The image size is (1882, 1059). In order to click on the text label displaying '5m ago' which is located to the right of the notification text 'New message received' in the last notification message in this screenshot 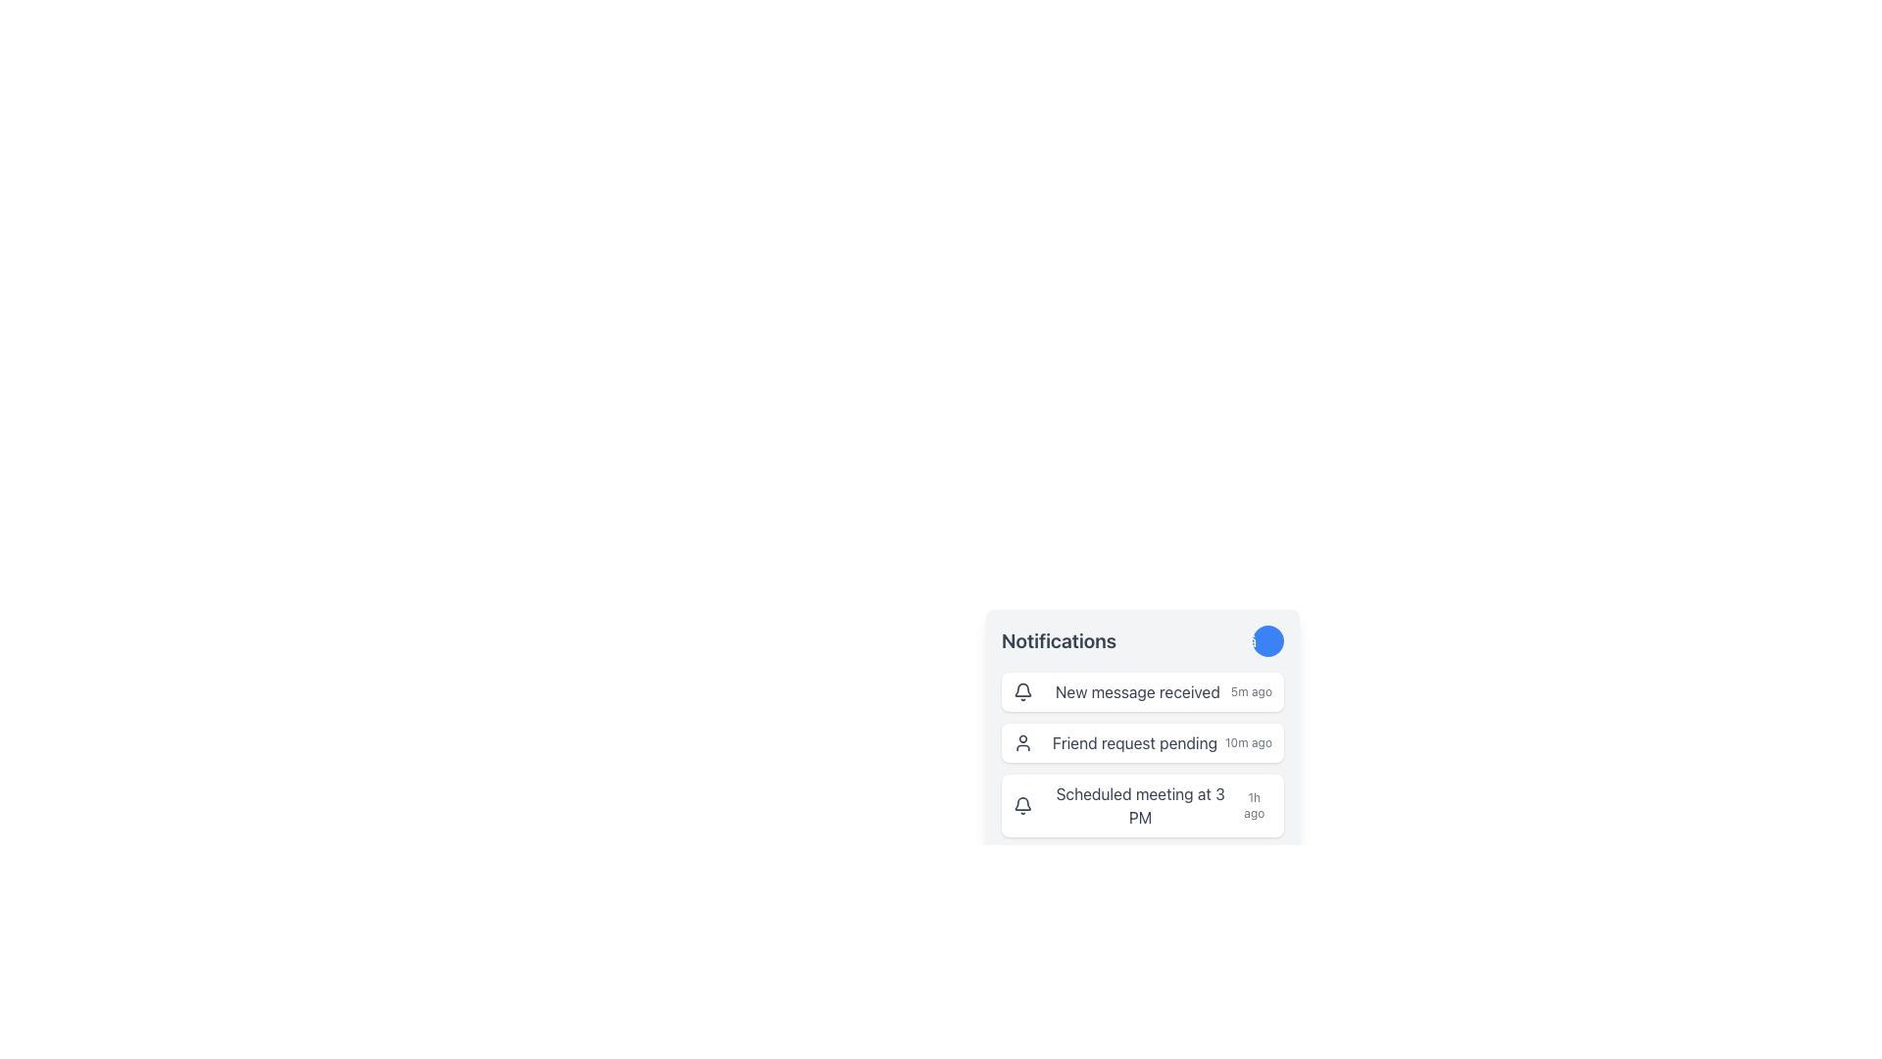, I will do `click(1250, 690)`.